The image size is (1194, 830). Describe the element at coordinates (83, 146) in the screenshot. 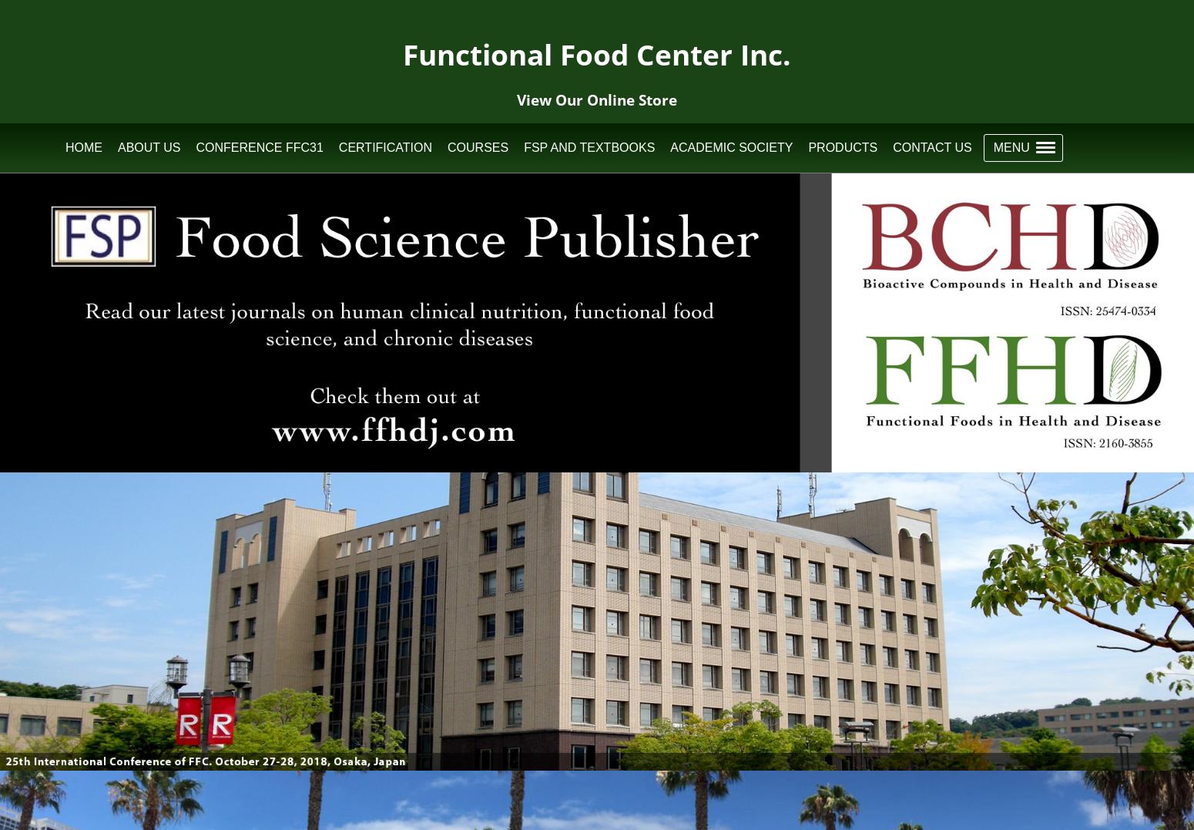

I see `'Home'` at that location.